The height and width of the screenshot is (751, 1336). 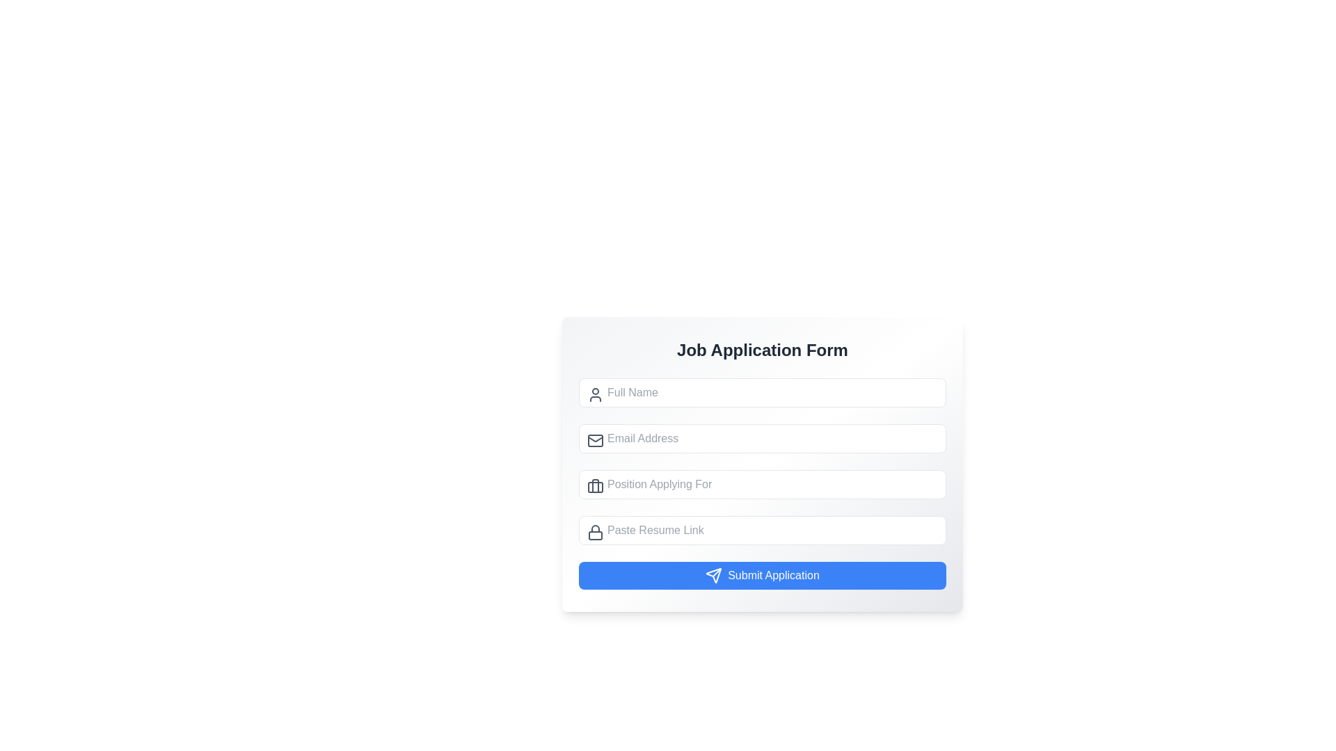 I want to click on the email input field labeled 'Email Address' to focus on it, located below the 'Full Name' field in the 'Job Application Form', so click(x=761, y=439).